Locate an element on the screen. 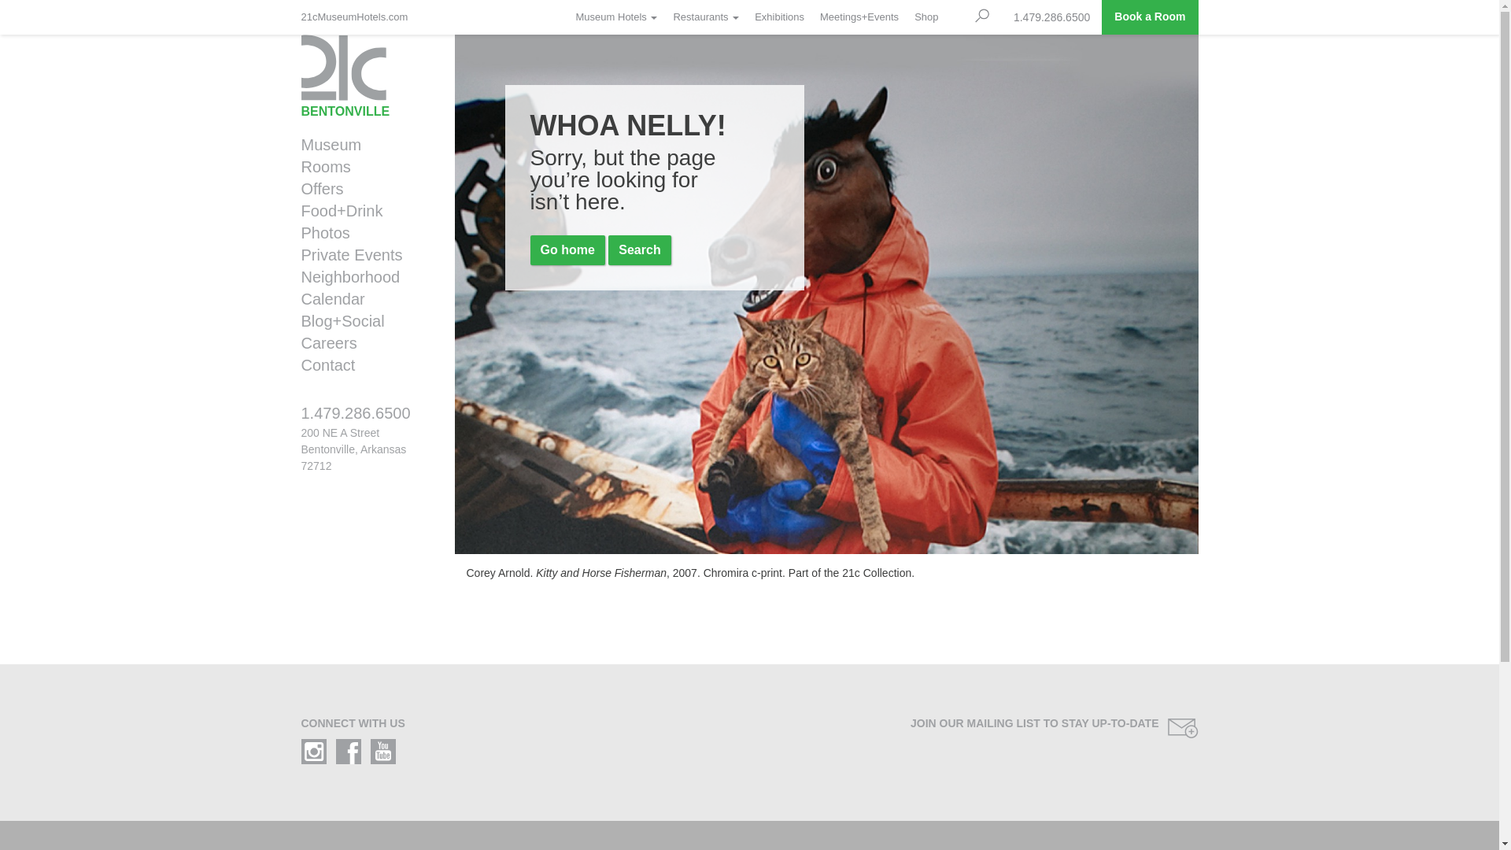  '21cMuseumHotels.com' is located at coordinates (357, 17).